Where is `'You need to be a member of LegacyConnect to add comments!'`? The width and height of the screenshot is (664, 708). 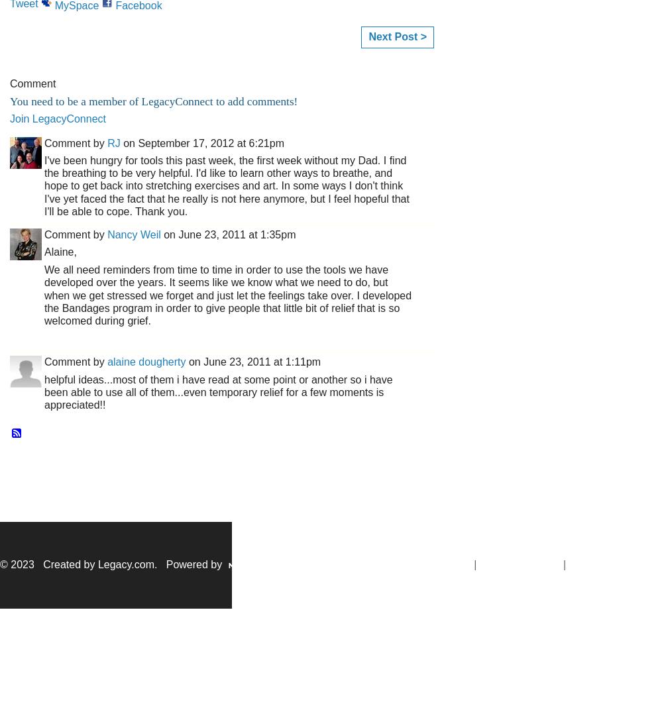 'You need to be a member of LegacyConnect to add comments!' is located at coordinates (10, 101).